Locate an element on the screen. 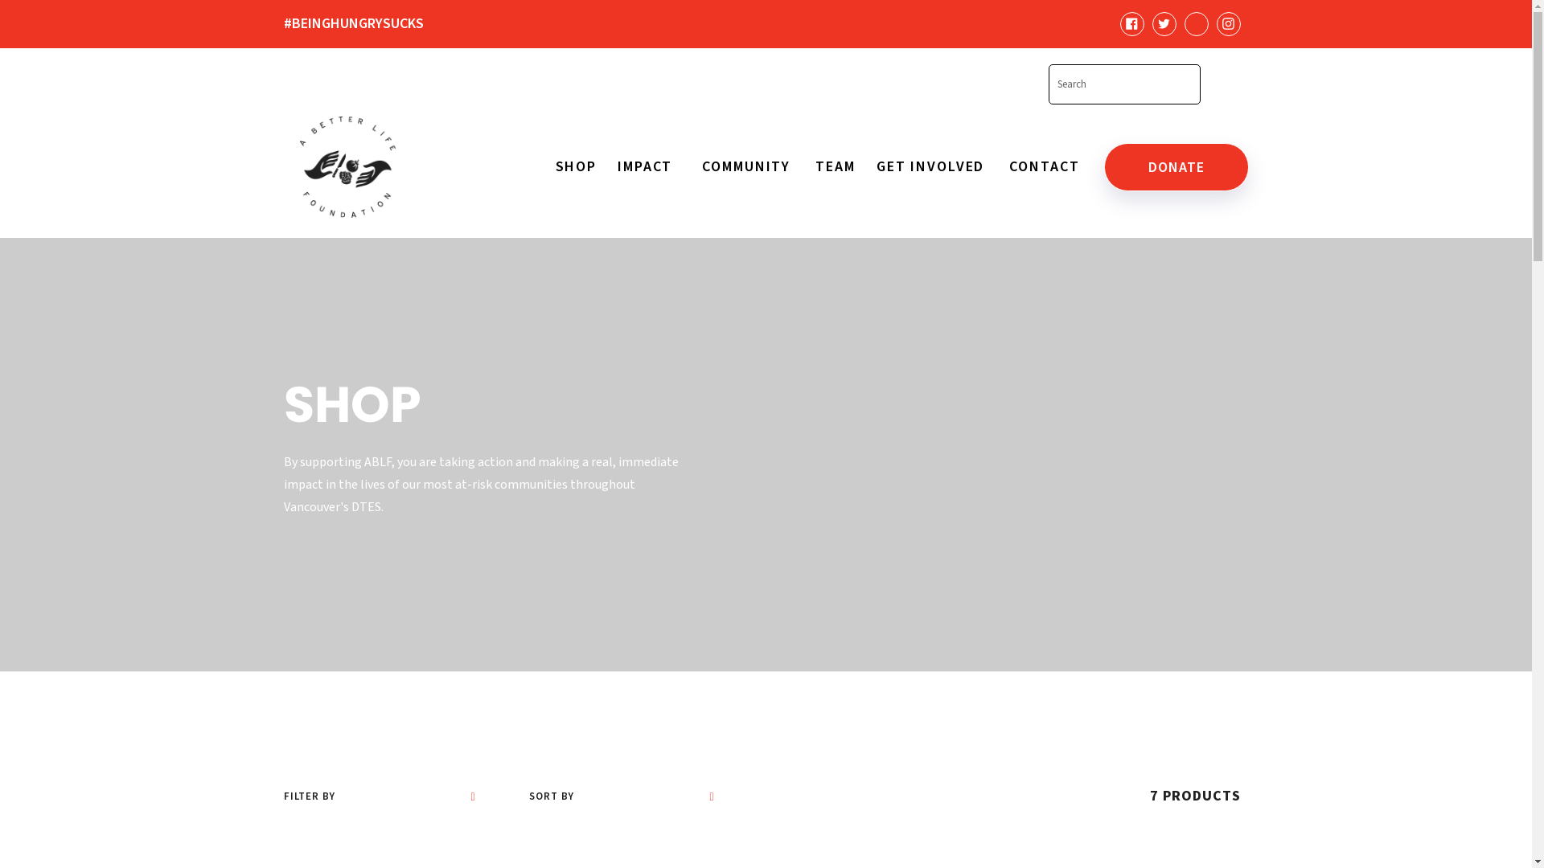  '#BEINGHUNGRYSUCKS' is located at coordinates (374, 23).